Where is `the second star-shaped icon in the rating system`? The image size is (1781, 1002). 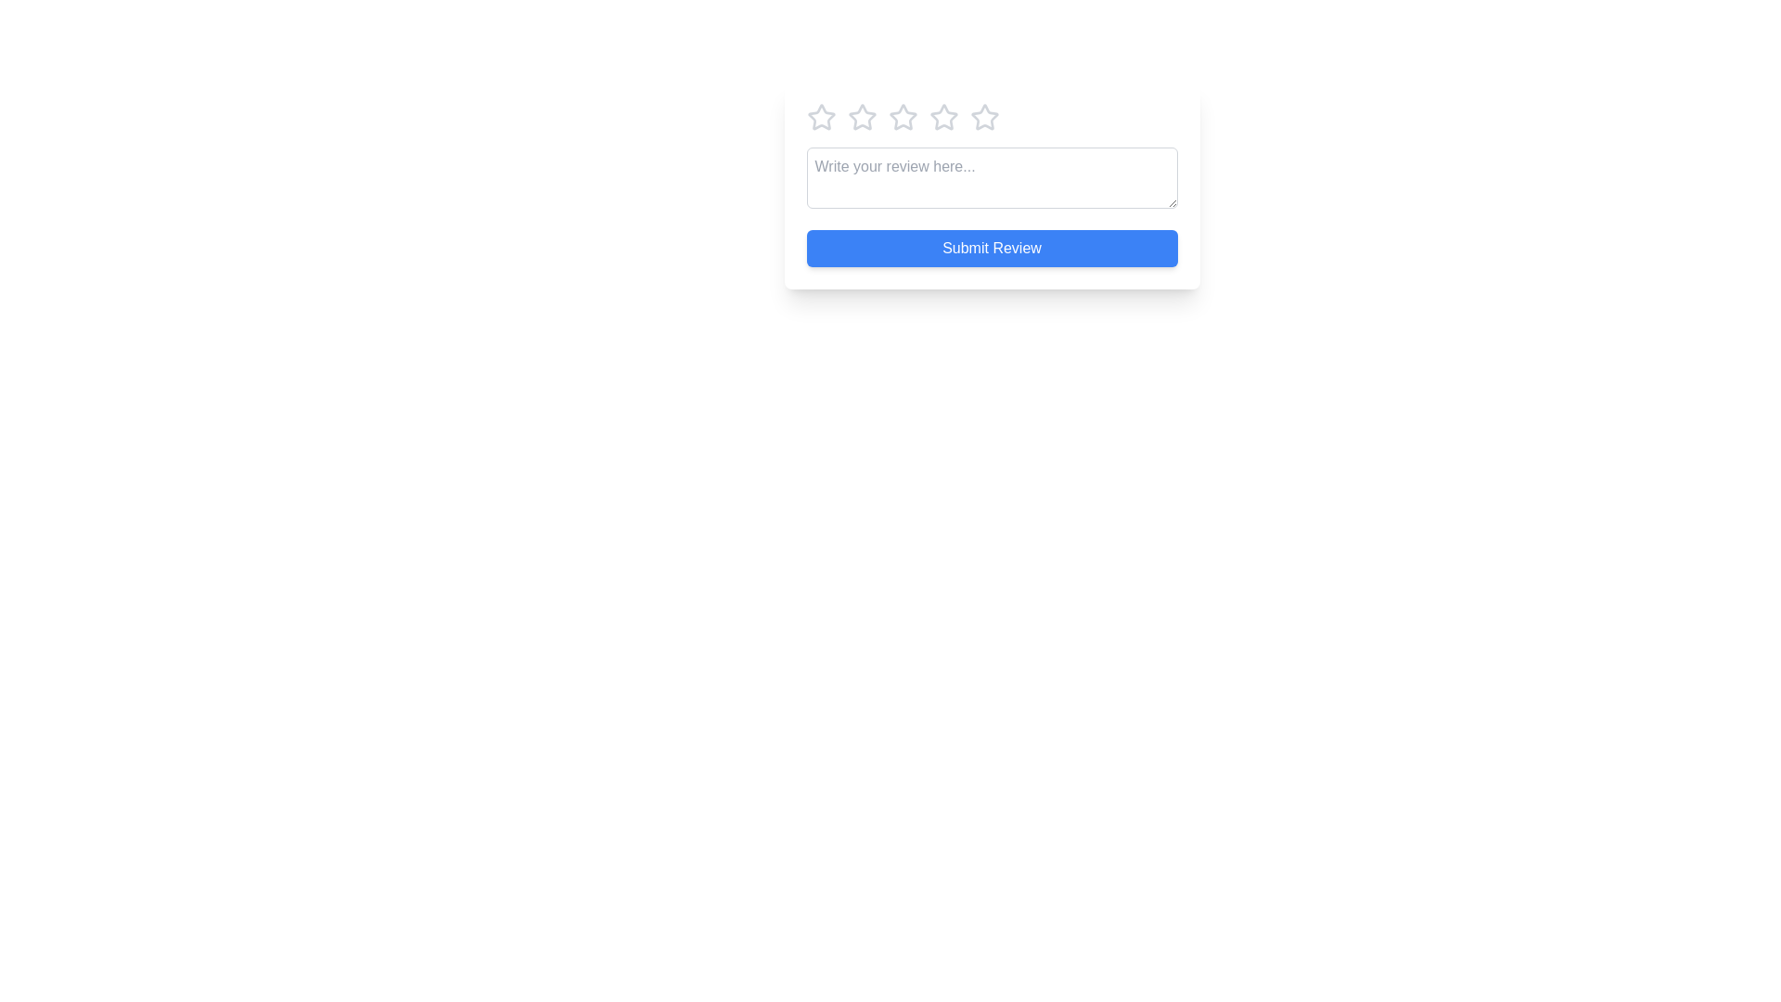 the second star-shaped icon in the rating system is located at coordinates (903, 117).